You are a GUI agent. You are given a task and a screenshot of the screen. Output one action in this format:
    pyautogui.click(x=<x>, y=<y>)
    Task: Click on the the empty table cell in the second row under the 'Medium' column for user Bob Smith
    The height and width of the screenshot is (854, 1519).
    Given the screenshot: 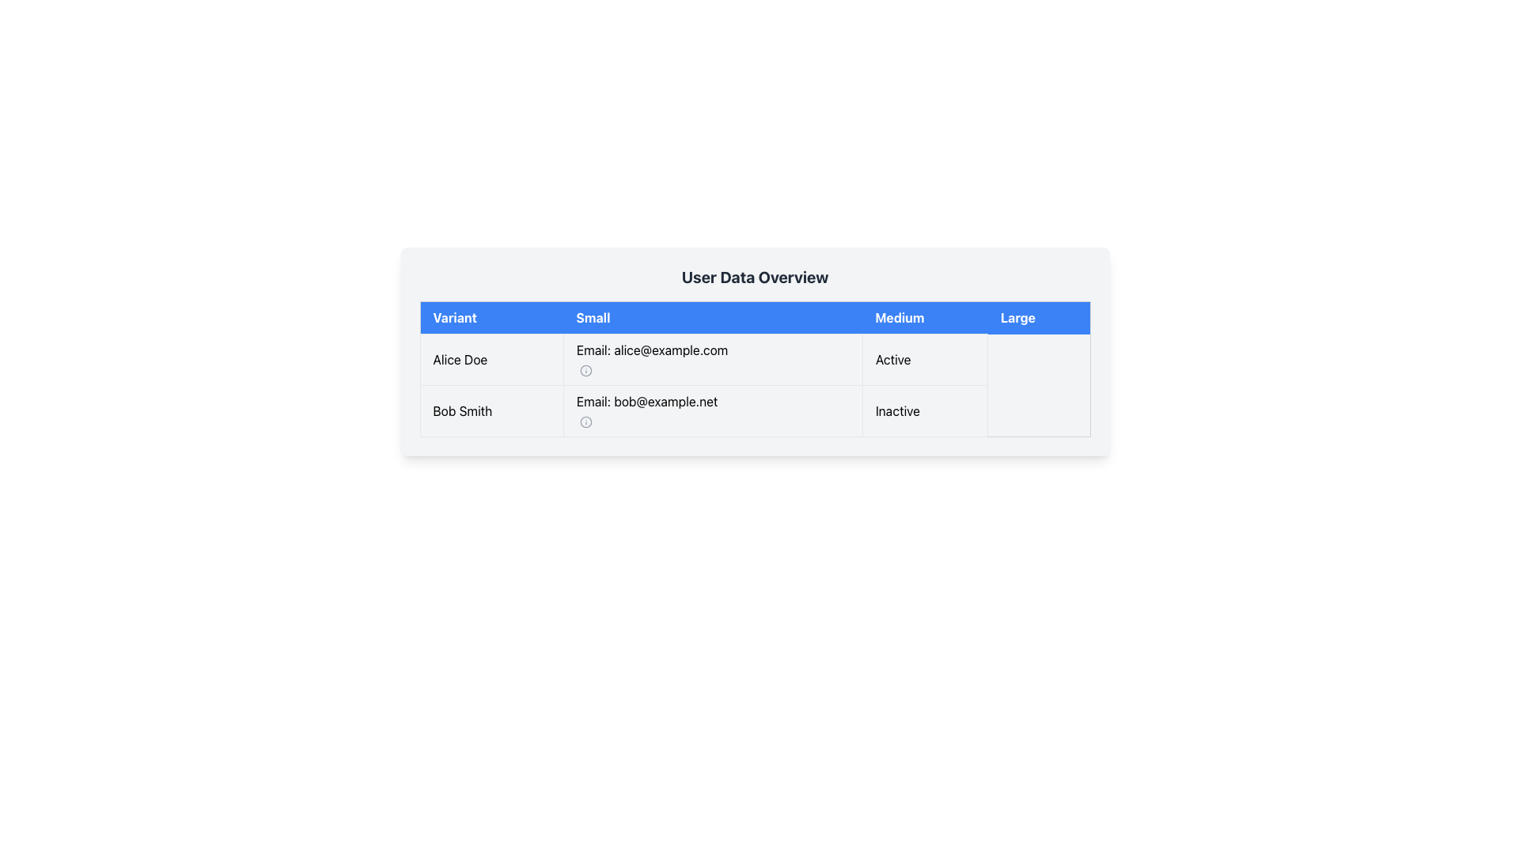 What is the action you would take?
    pyautogui.click(x=754, y=385)
    